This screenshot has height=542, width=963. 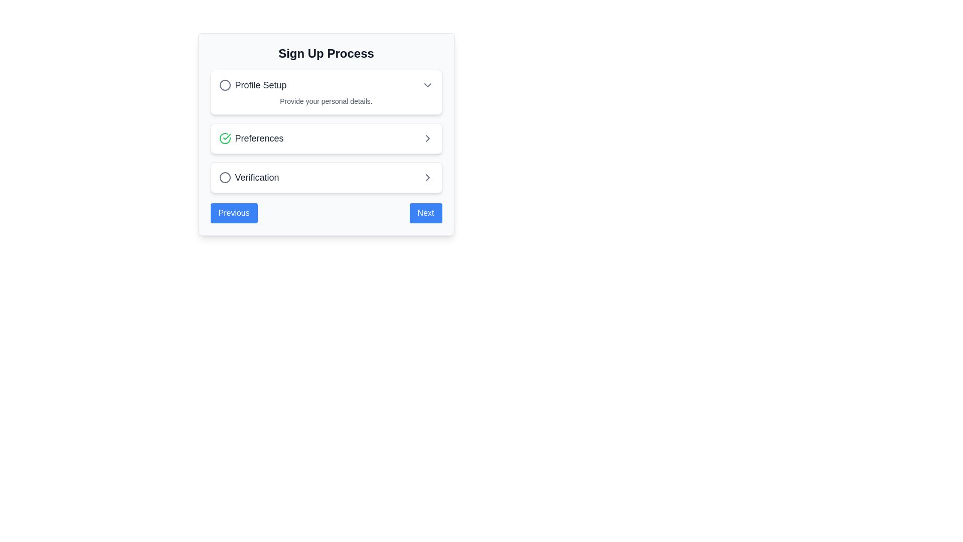 I want to click on the dropdown menu icon located in the 'Profile Setup' section, adjacent to the 'Profile Setup' text, so click(x=427, y=84).